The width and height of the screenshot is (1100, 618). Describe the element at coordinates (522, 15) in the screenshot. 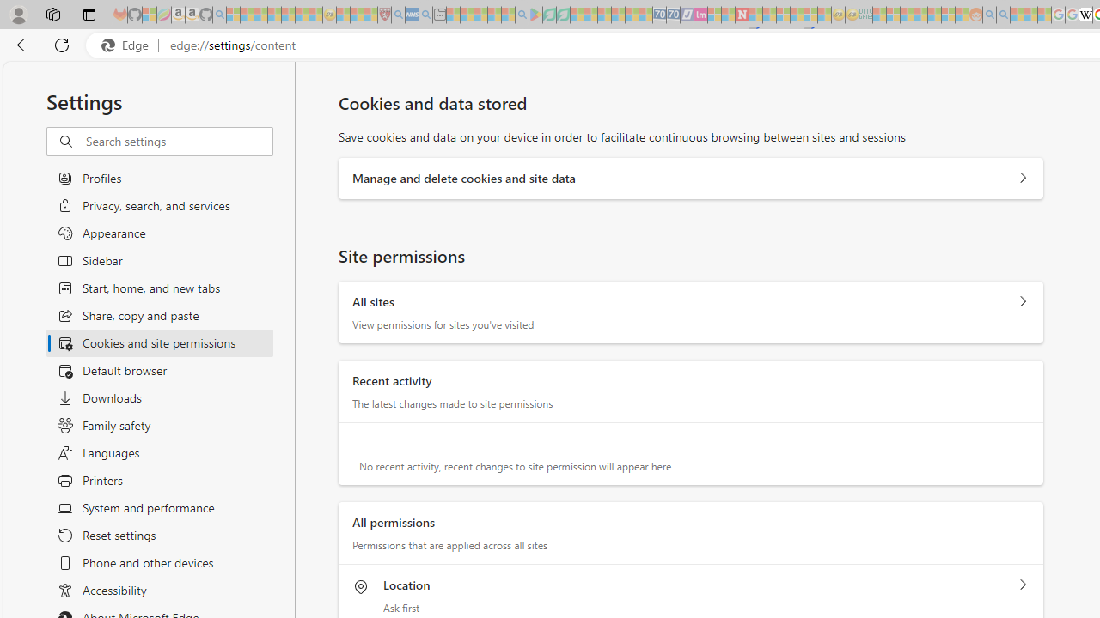

I see `'google - Search - Sleeping'` at that location.